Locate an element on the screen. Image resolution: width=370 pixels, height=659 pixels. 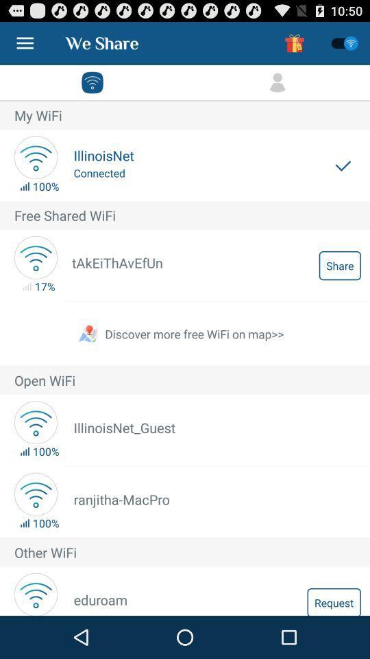
item on the right is located at coordinates (339, 264).